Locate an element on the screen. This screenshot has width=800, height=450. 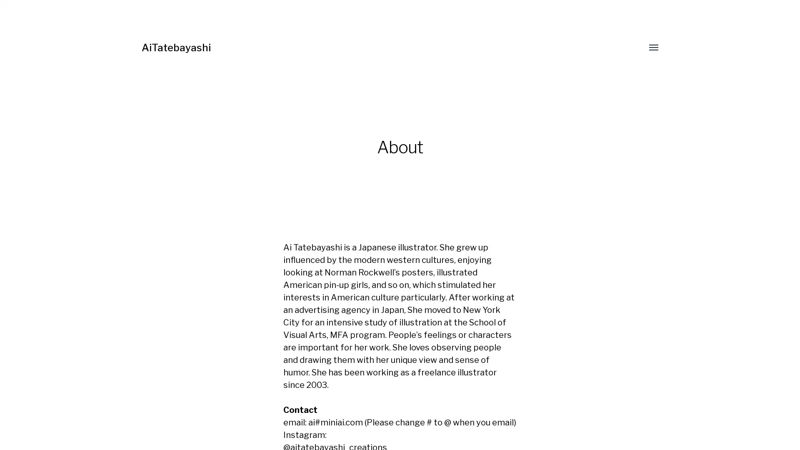
Toggle menu is located at coordinates (647, 47).